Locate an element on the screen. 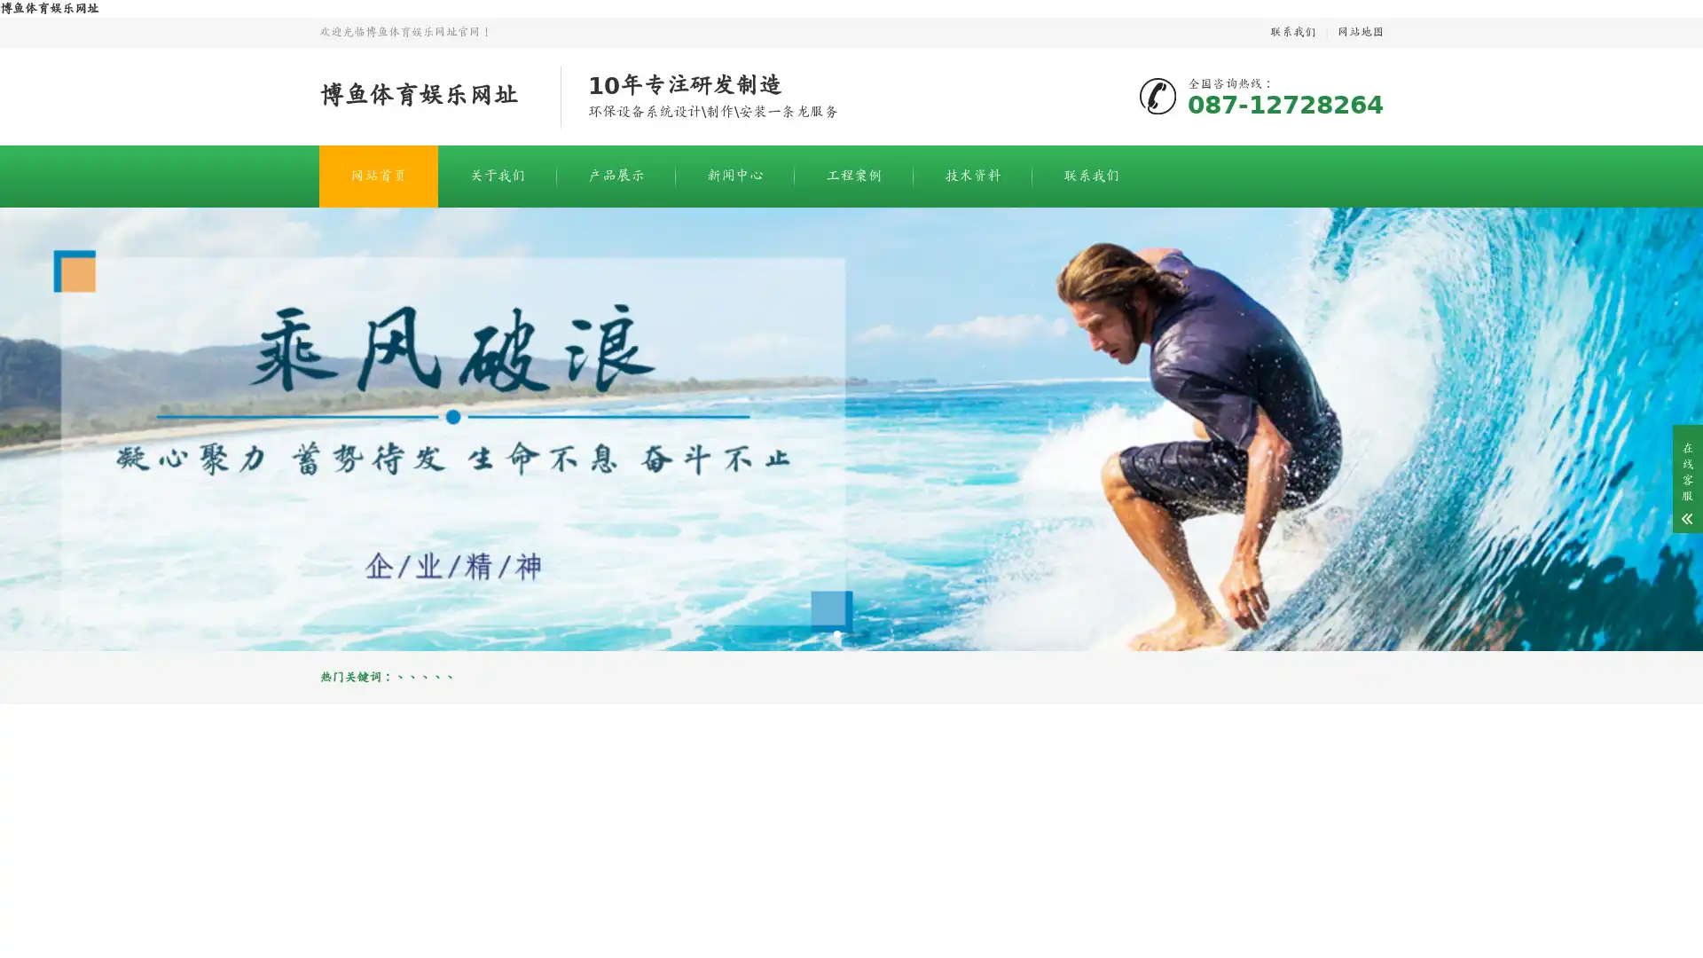 This screenshot has width=1703, height=958. Go to slide 3 is located at coordinates (865, 632).